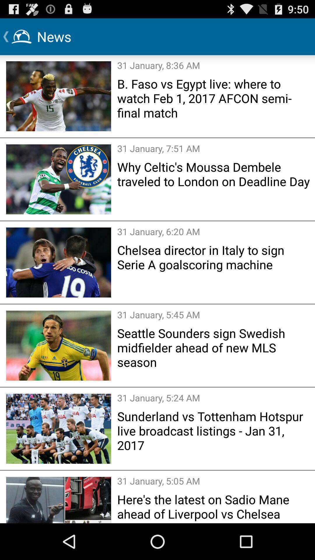  I want to click on the why celtic s, so click(214, 174).